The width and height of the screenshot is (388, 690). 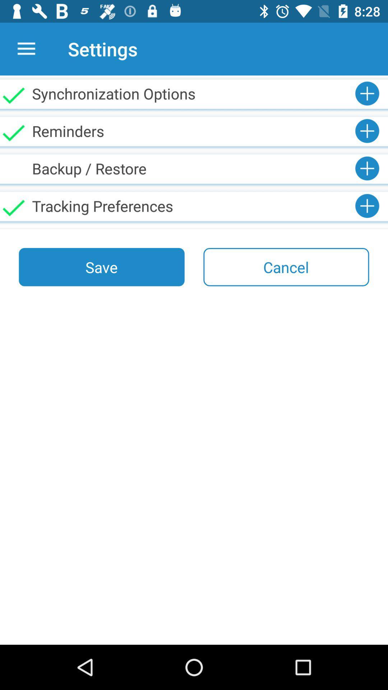 I want to click on open menu, so click(x=26, y=49).